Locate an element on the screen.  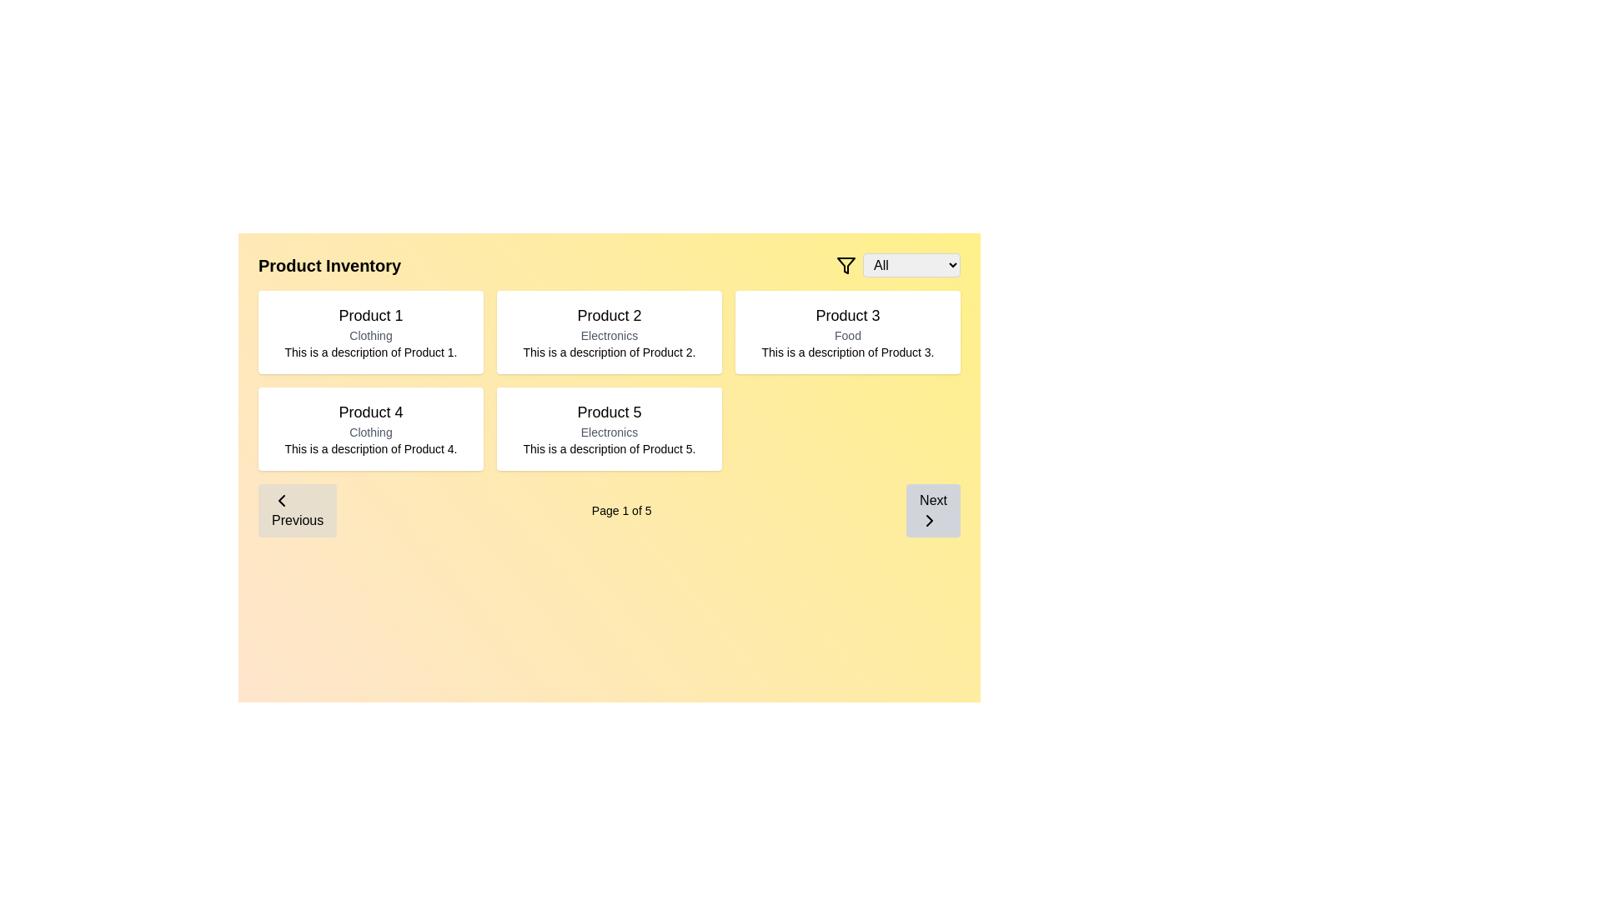
text from the Text Label stating 'This is a description of Product 5.' which is positioned at the bottom of the card labeled 'Product 5' in the Product Inventory page is located at coordinates (608, 448).